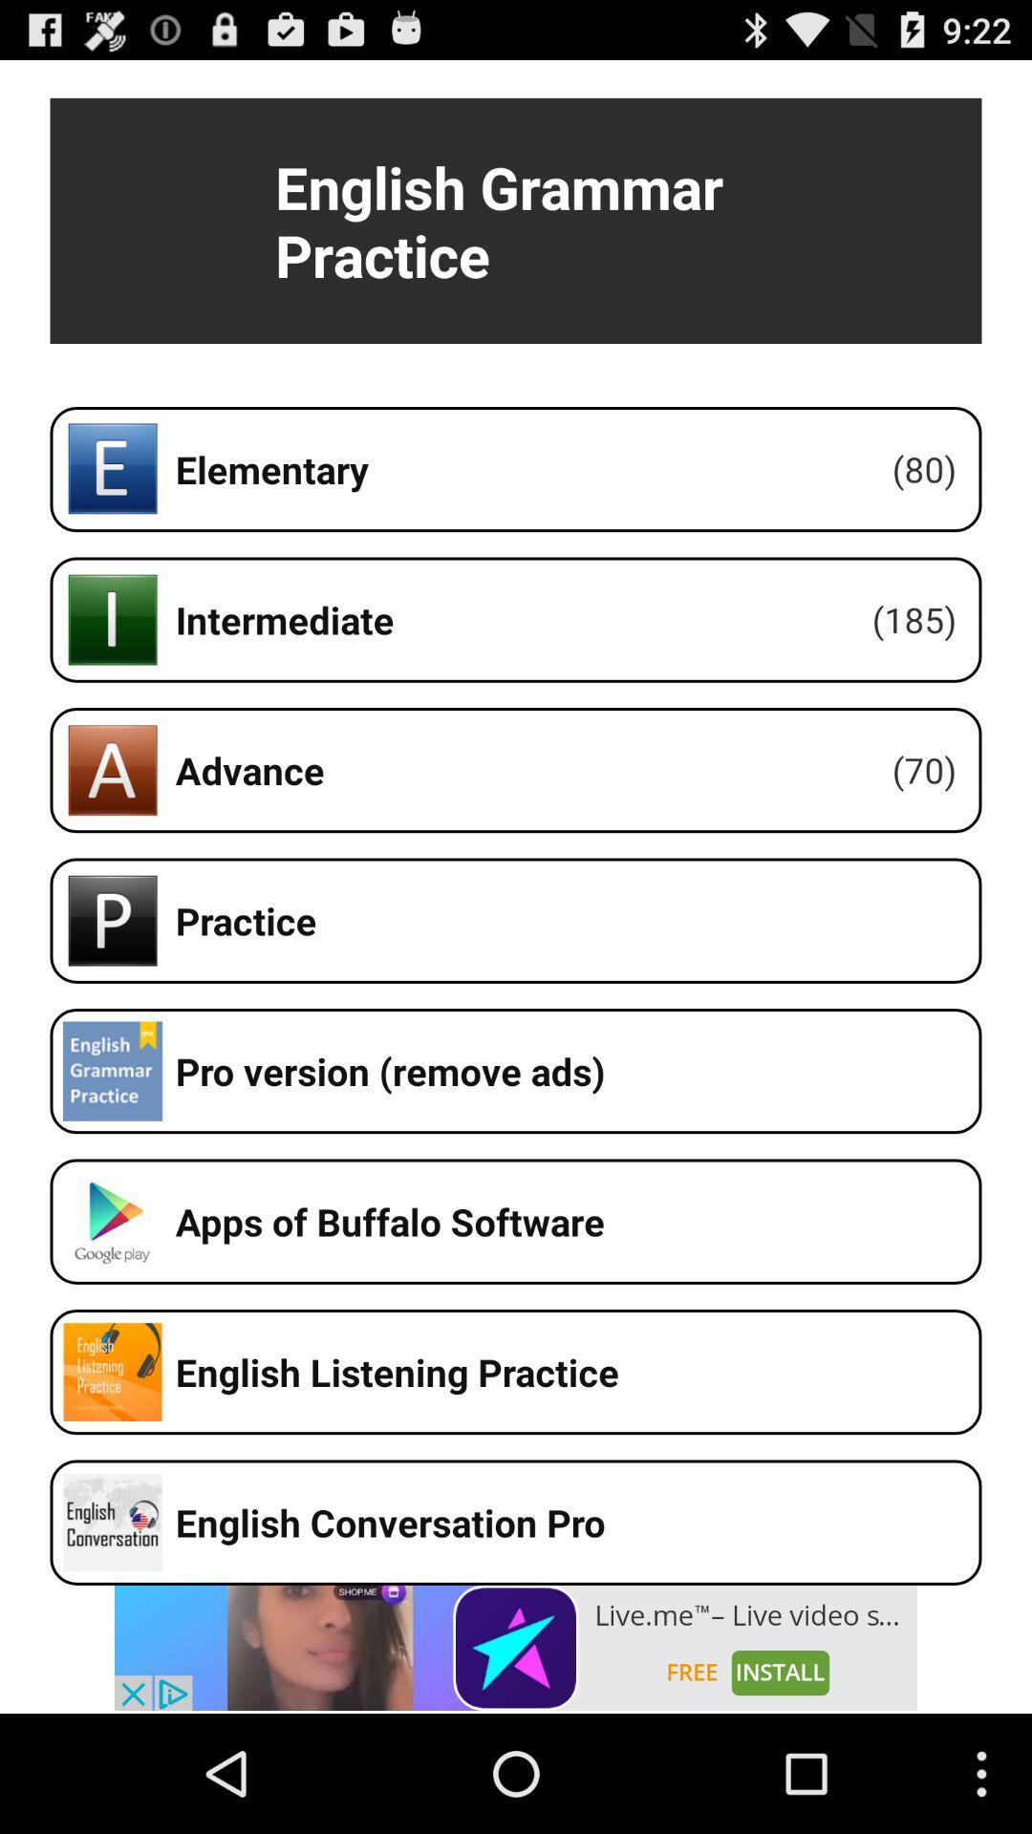 Image resolution: width=1032 pixels, height=1834 pixels. What do you see at coordinates (113, 620) in the screenshot?
I see `the icon beside intermediate` at bounding box center [113, 620].